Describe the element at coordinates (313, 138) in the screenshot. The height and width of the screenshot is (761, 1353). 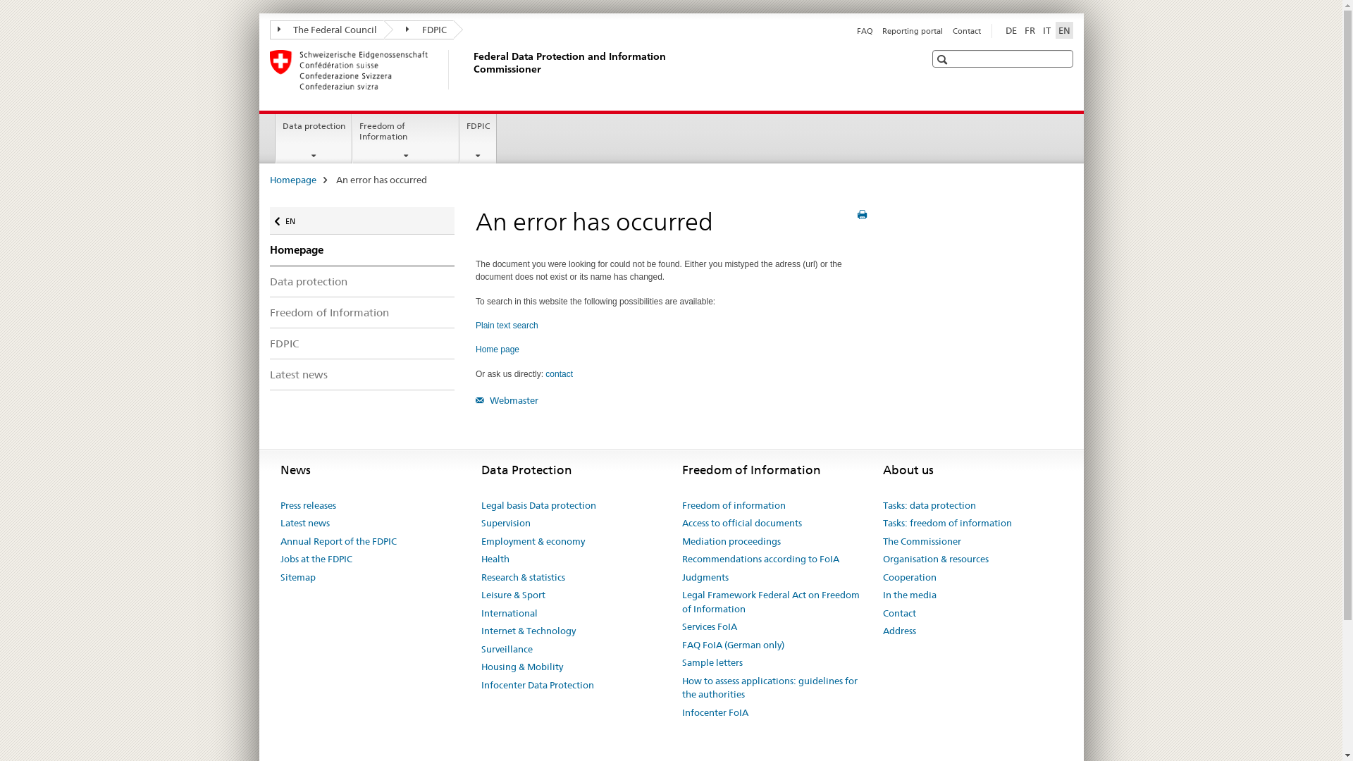
I see `'Data protection'` at that location.